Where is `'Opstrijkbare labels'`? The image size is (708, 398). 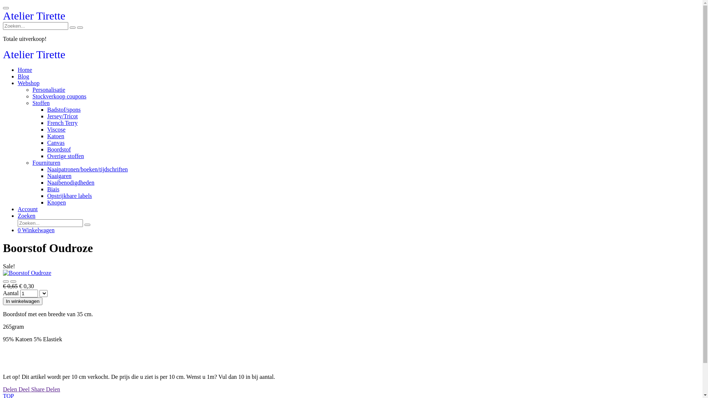 'Opstrijkbare labels' is located at coordinates (69, 195).